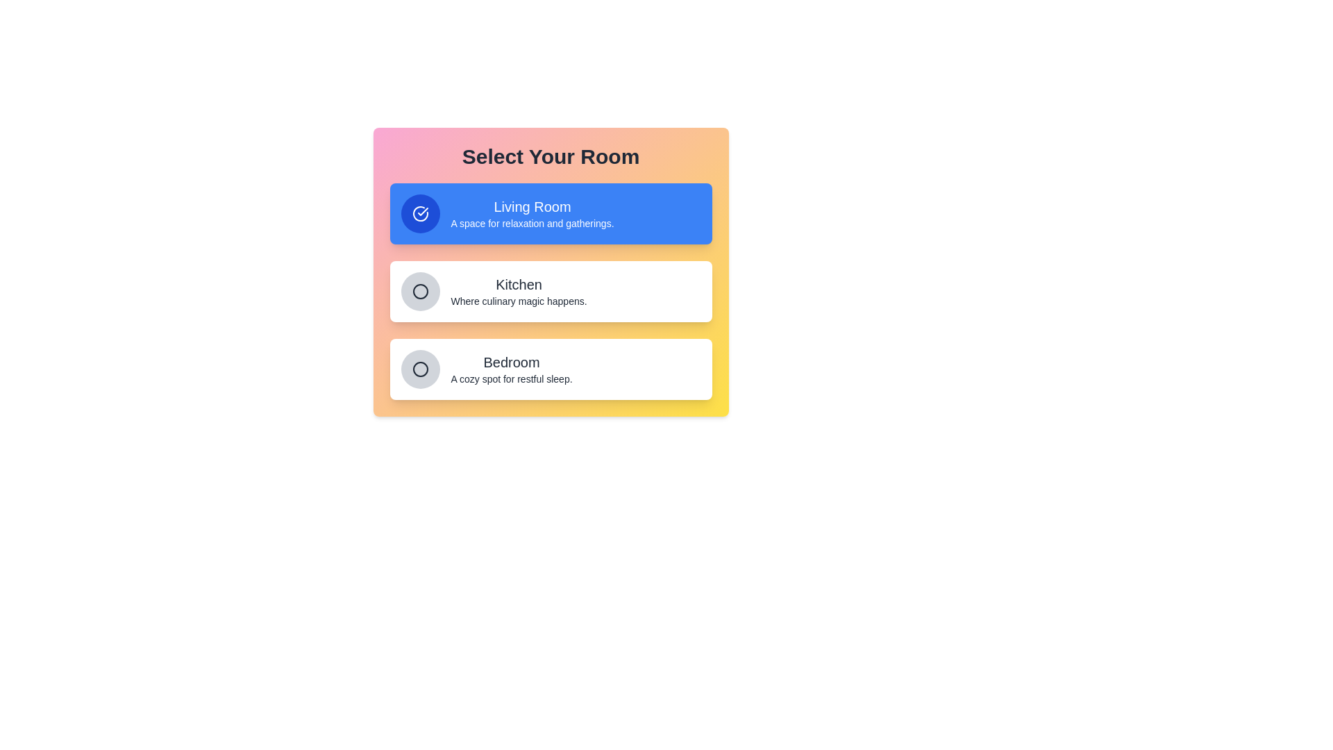  Describe the element at coordinates (419, 214) in the screenshot. I see `the interior graphical detail of the circular icon within the blue button labeled 'Living Room' for visual understanding` at that location.